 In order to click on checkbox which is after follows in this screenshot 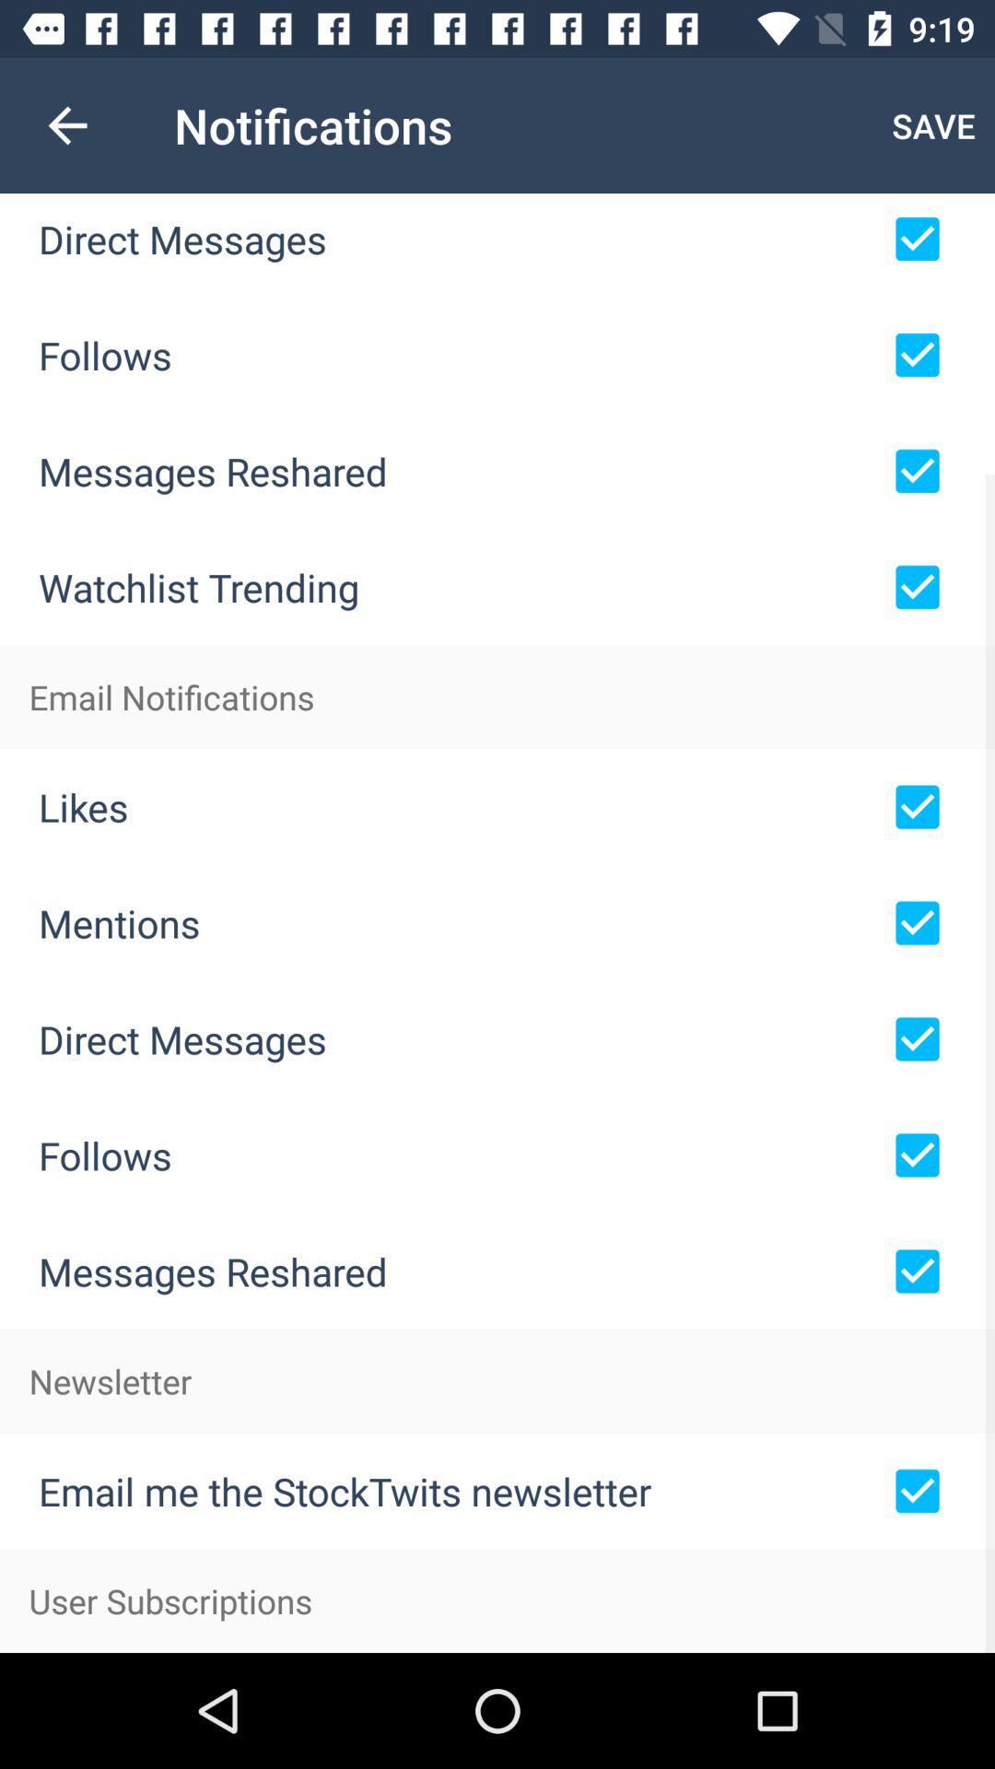, I will do `click(917, 355)`.